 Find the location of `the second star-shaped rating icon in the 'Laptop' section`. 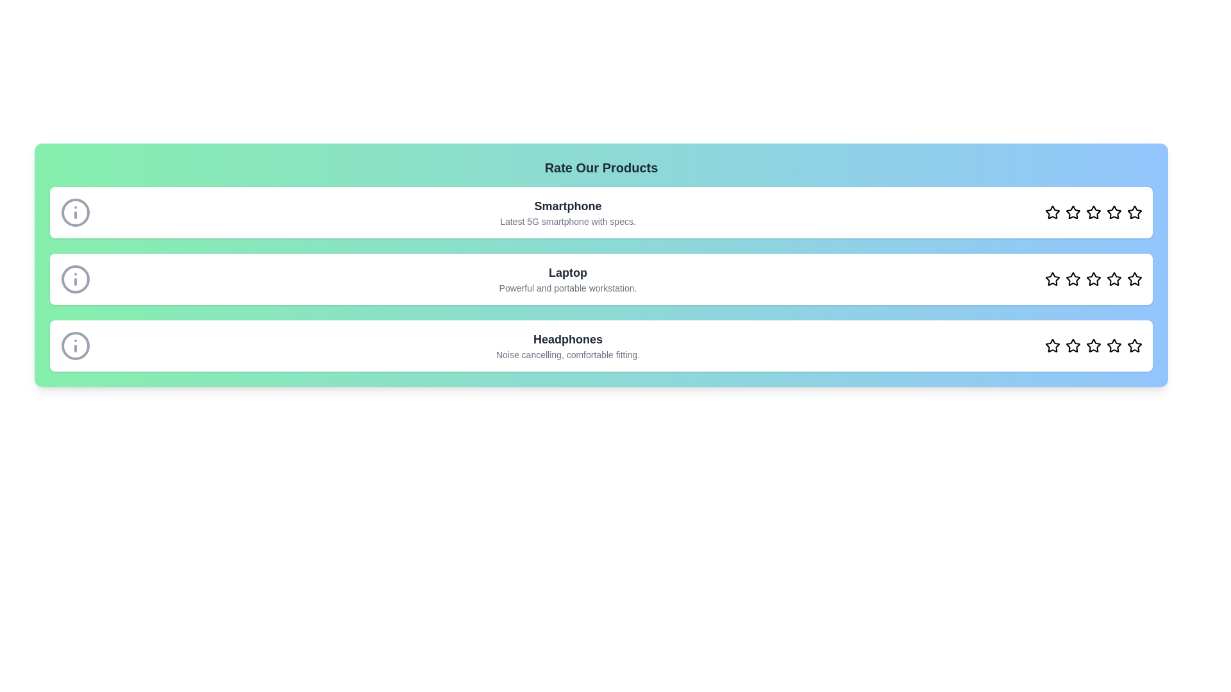

the second star-shaped rating icon in the 'Laptop' section is located at coordinates (1052, 278).